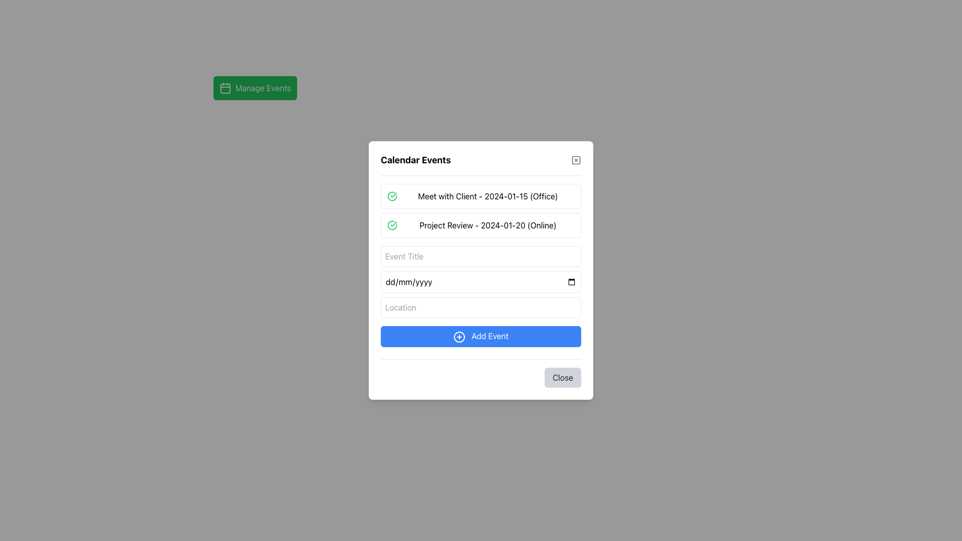 The height and width of the screenshot is (541, 962). What do you see at coordinates (481, 225) in the screenshot?
I see `the second list item in the 'Calendar Events' modal` at bounding box center [481, 225].